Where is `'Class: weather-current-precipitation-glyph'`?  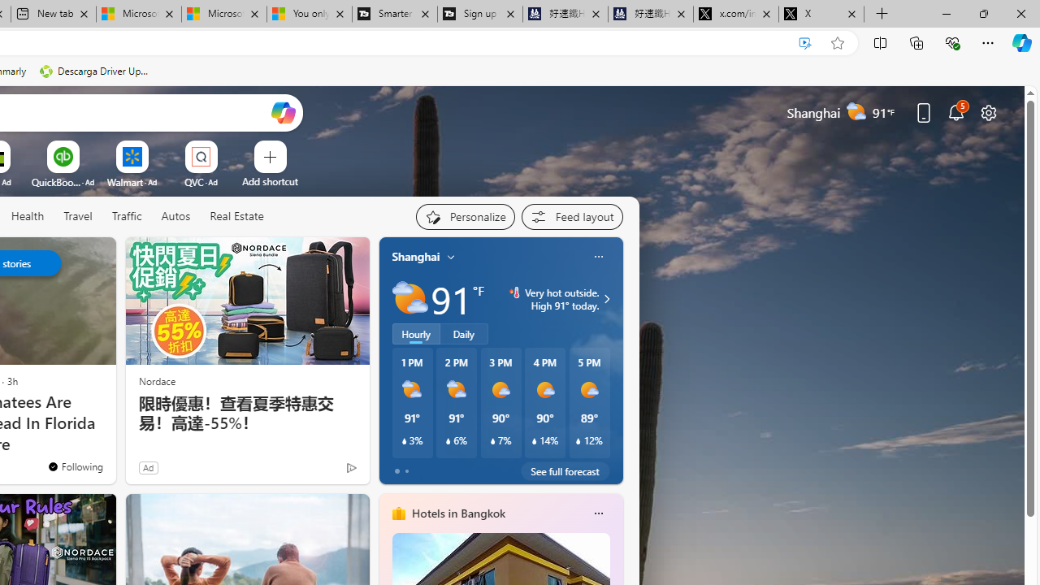 'Class: weather-current-precipitation-glyph' is located at coordinates (578, 441).